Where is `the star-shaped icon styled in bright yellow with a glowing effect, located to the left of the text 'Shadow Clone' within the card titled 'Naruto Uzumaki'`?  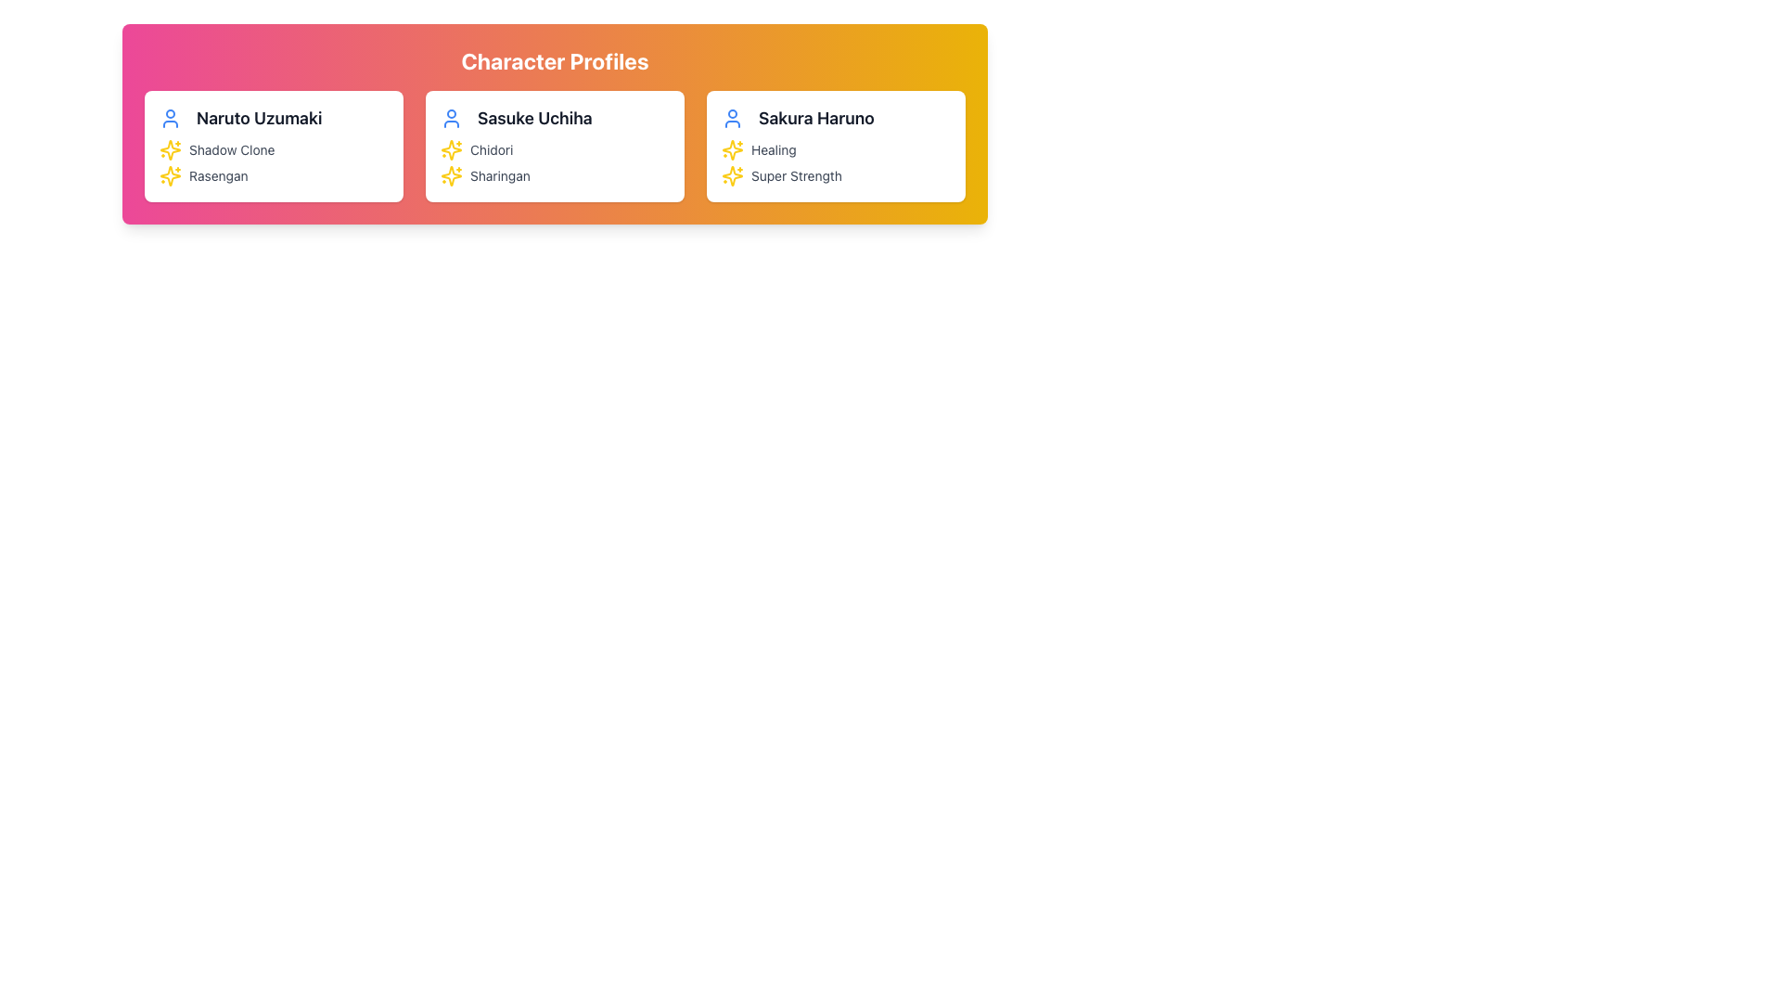 the star-shaped icon styled in bright yellow with a glowing effect, located to the left of the text 'Shadow Clone' within the card titled 'Naruto Uzumaki' is located at coordinates (170, 149).